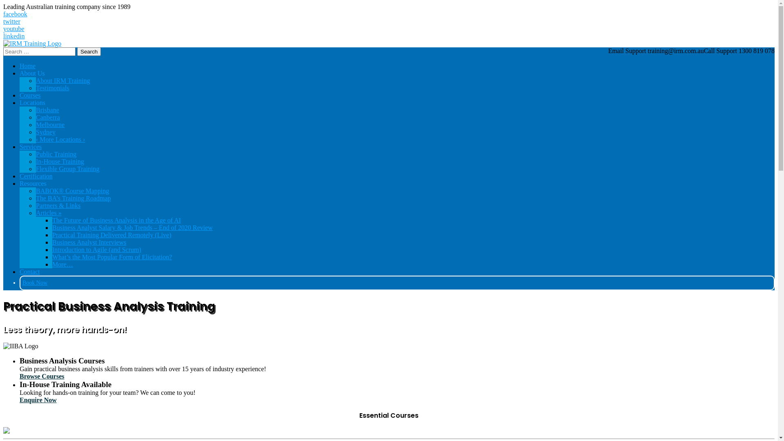 The image size is (784, 441). Describe the element at coordinates (89, 242) in the screenshot. I see `'Business Analyst Interviews'` at that location.